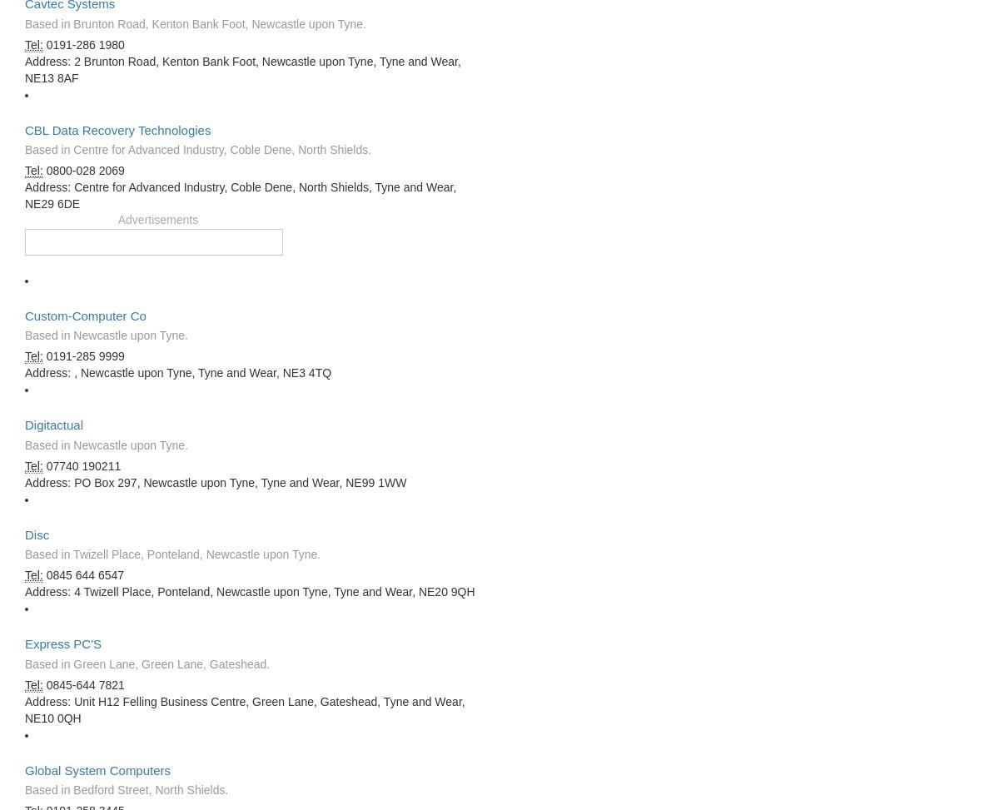  I want to click on 'Express PC'S', so click(62, 643).